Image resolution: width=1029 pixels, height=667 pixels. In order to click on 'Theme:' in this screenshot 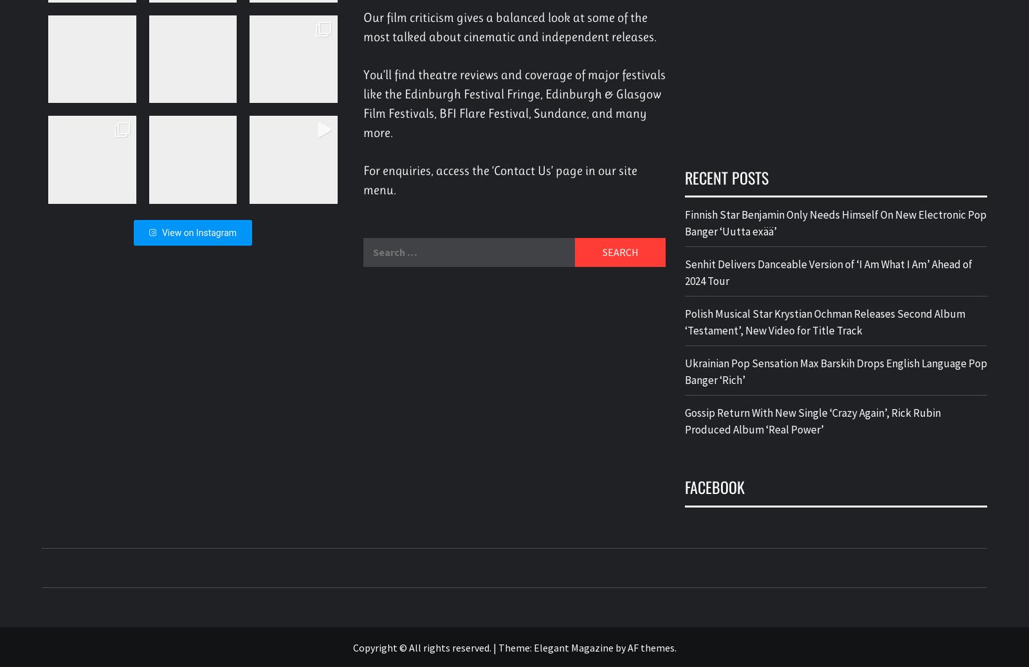, I will do `click(498, 646)`.